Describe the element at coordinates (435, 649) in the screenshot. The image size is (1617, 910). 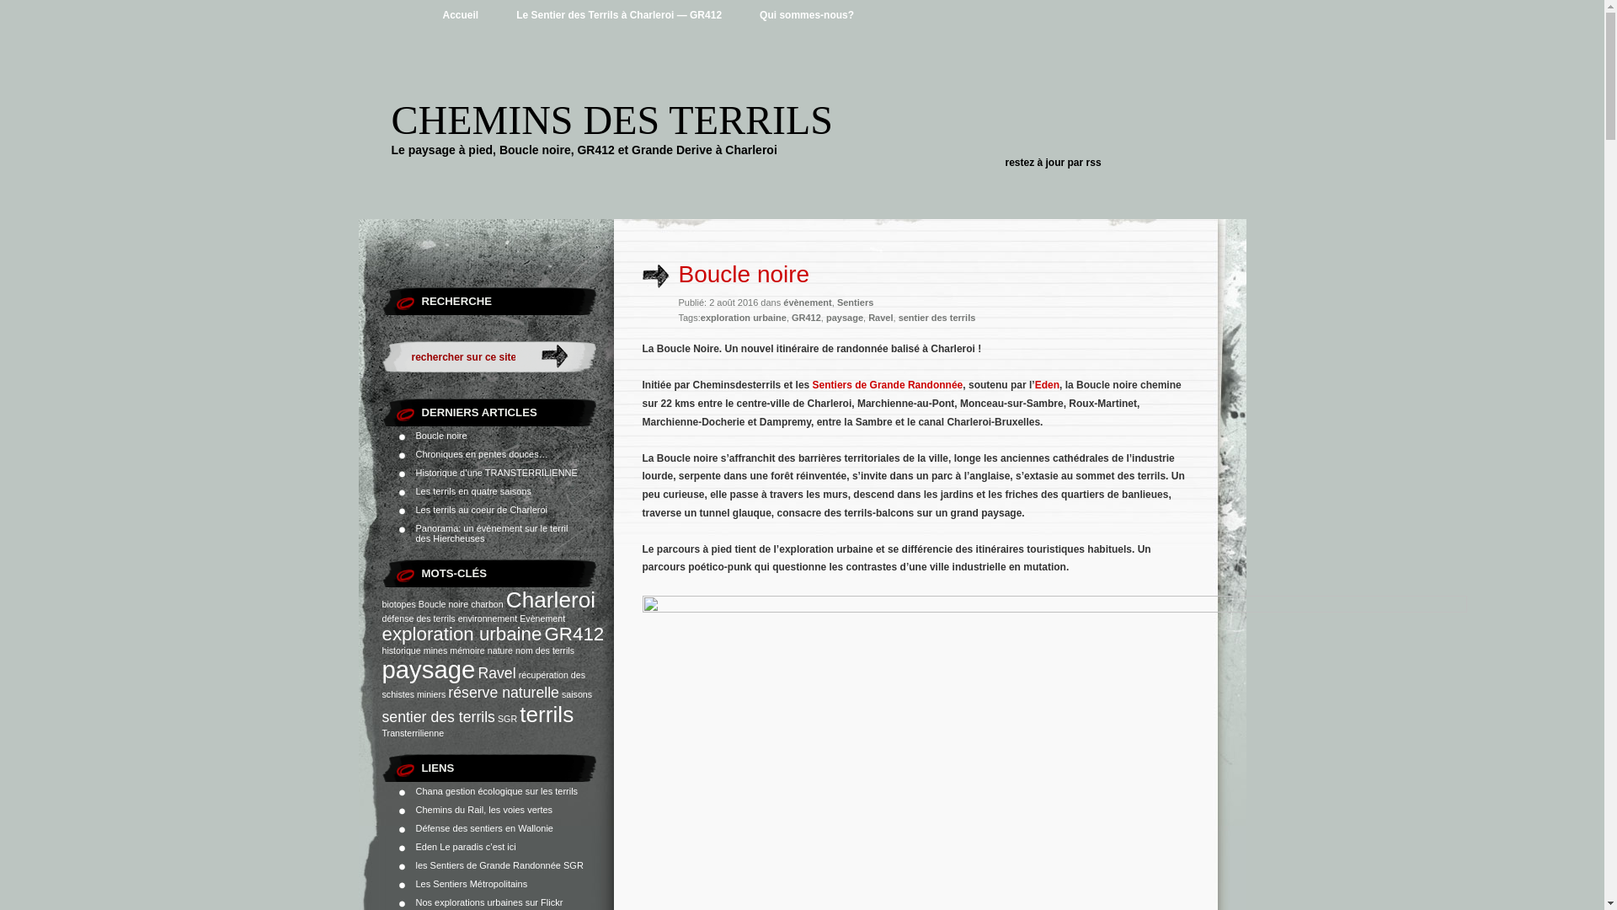
I see `'mines'` at that location.